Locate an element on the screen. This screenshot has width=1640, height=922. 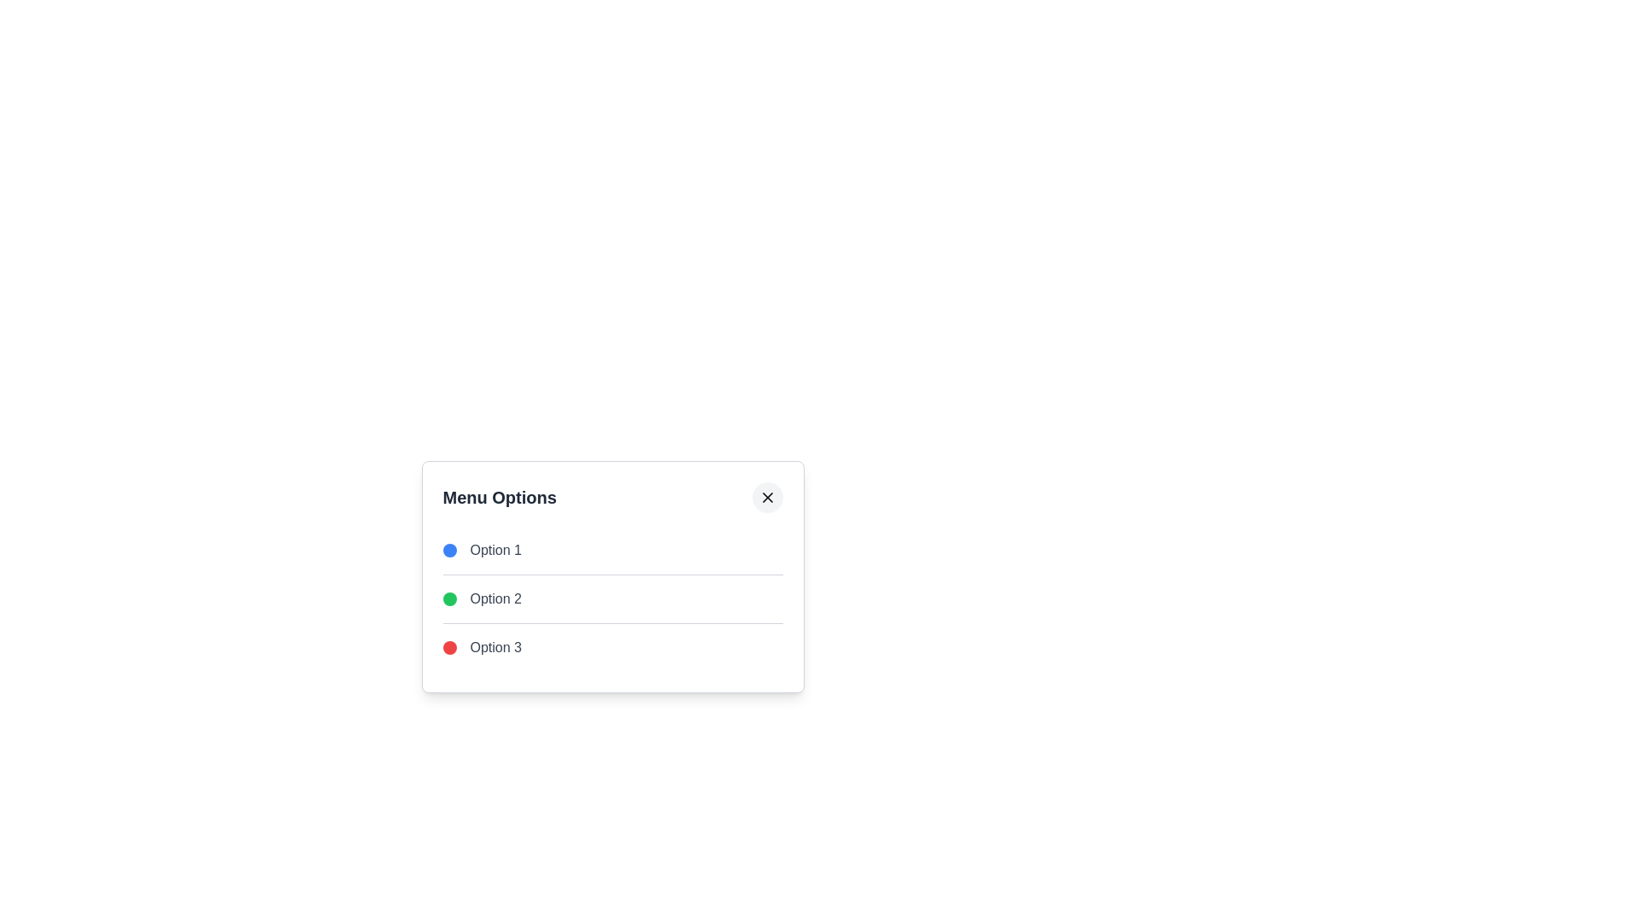
the Status indicator next to 'Option 2' in the 'Menu Options' section to visually indicate its status is located at coordinates (449, 598).